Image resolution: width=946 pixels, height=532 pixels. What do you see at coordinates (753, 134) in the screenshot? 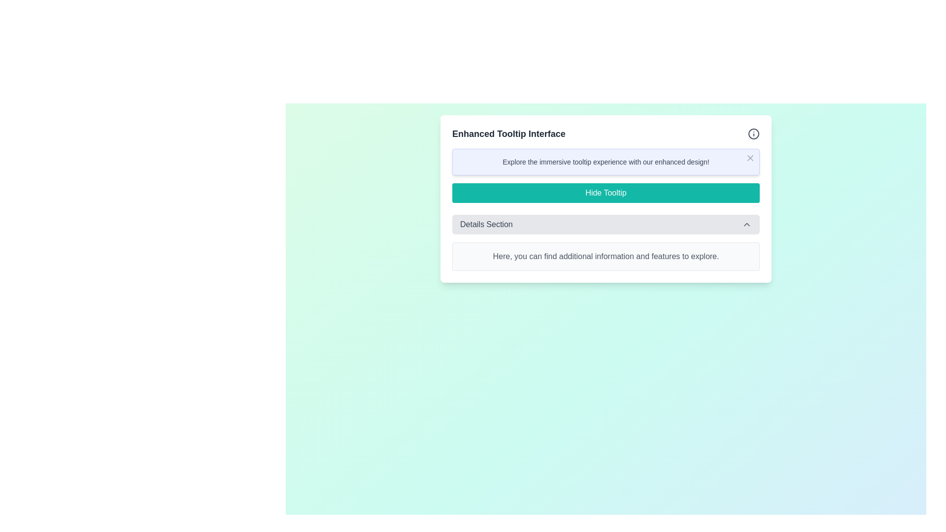
I see `the small circular gray informational icon (with a centered 'i') located at the top-right corner of the 'Enhanced Tooltip Interface' section` at bounding box center [753, 134].